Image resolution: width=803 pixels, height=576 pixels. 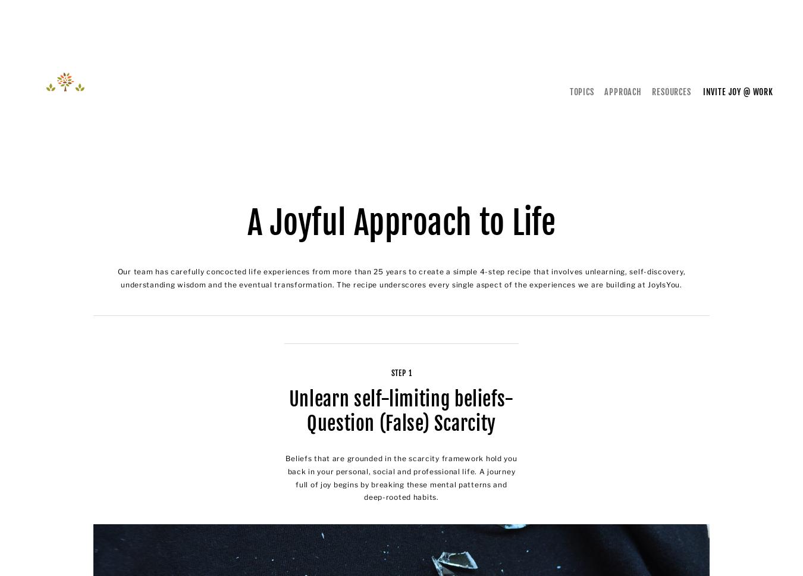 I want to click on 'Question (False) Scarcity', so click(x=401, y=422).